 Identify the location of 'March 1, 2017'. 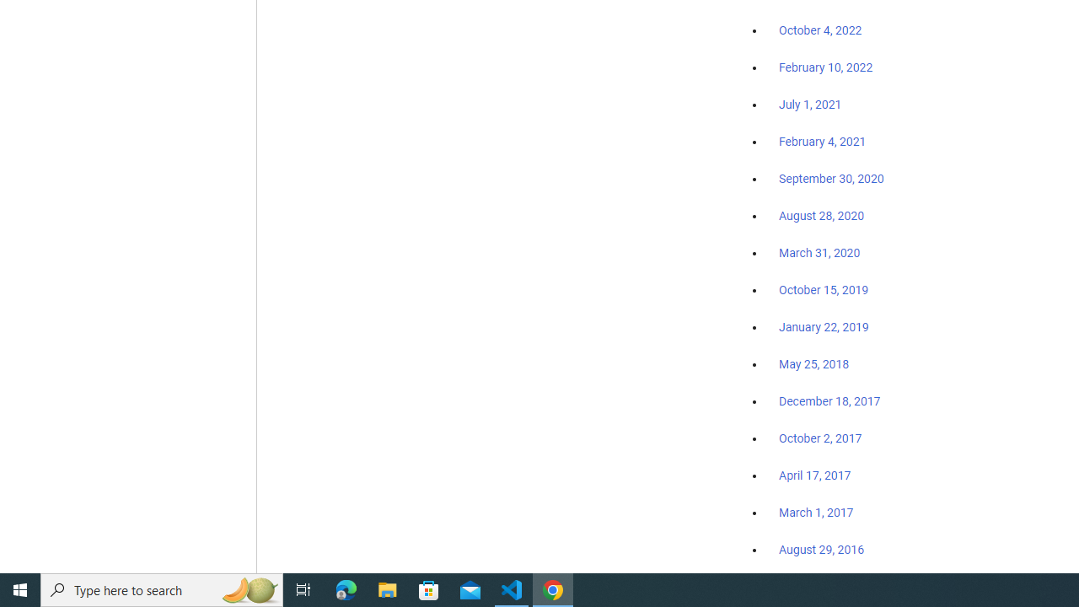
(816, 512).